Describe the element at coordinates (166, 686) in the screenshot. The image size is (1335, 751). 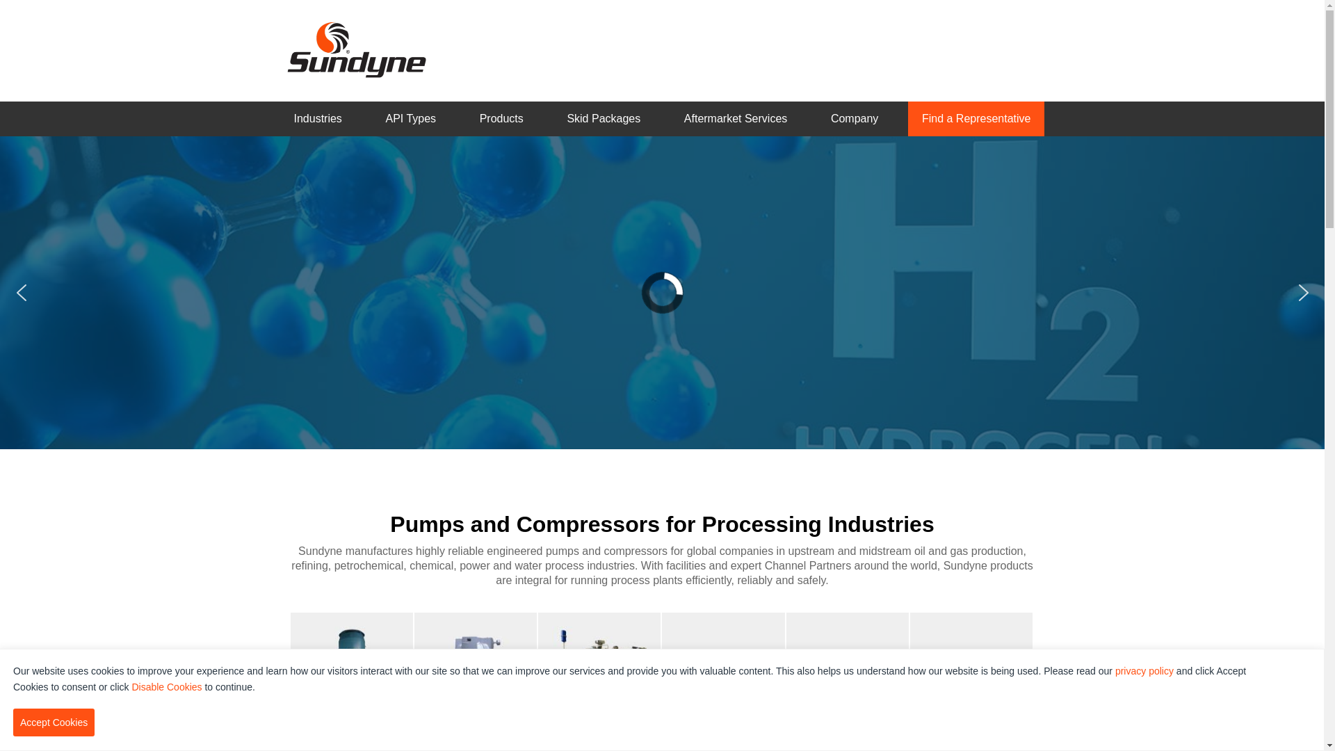
I see `'Disable Cookies'` at that location.